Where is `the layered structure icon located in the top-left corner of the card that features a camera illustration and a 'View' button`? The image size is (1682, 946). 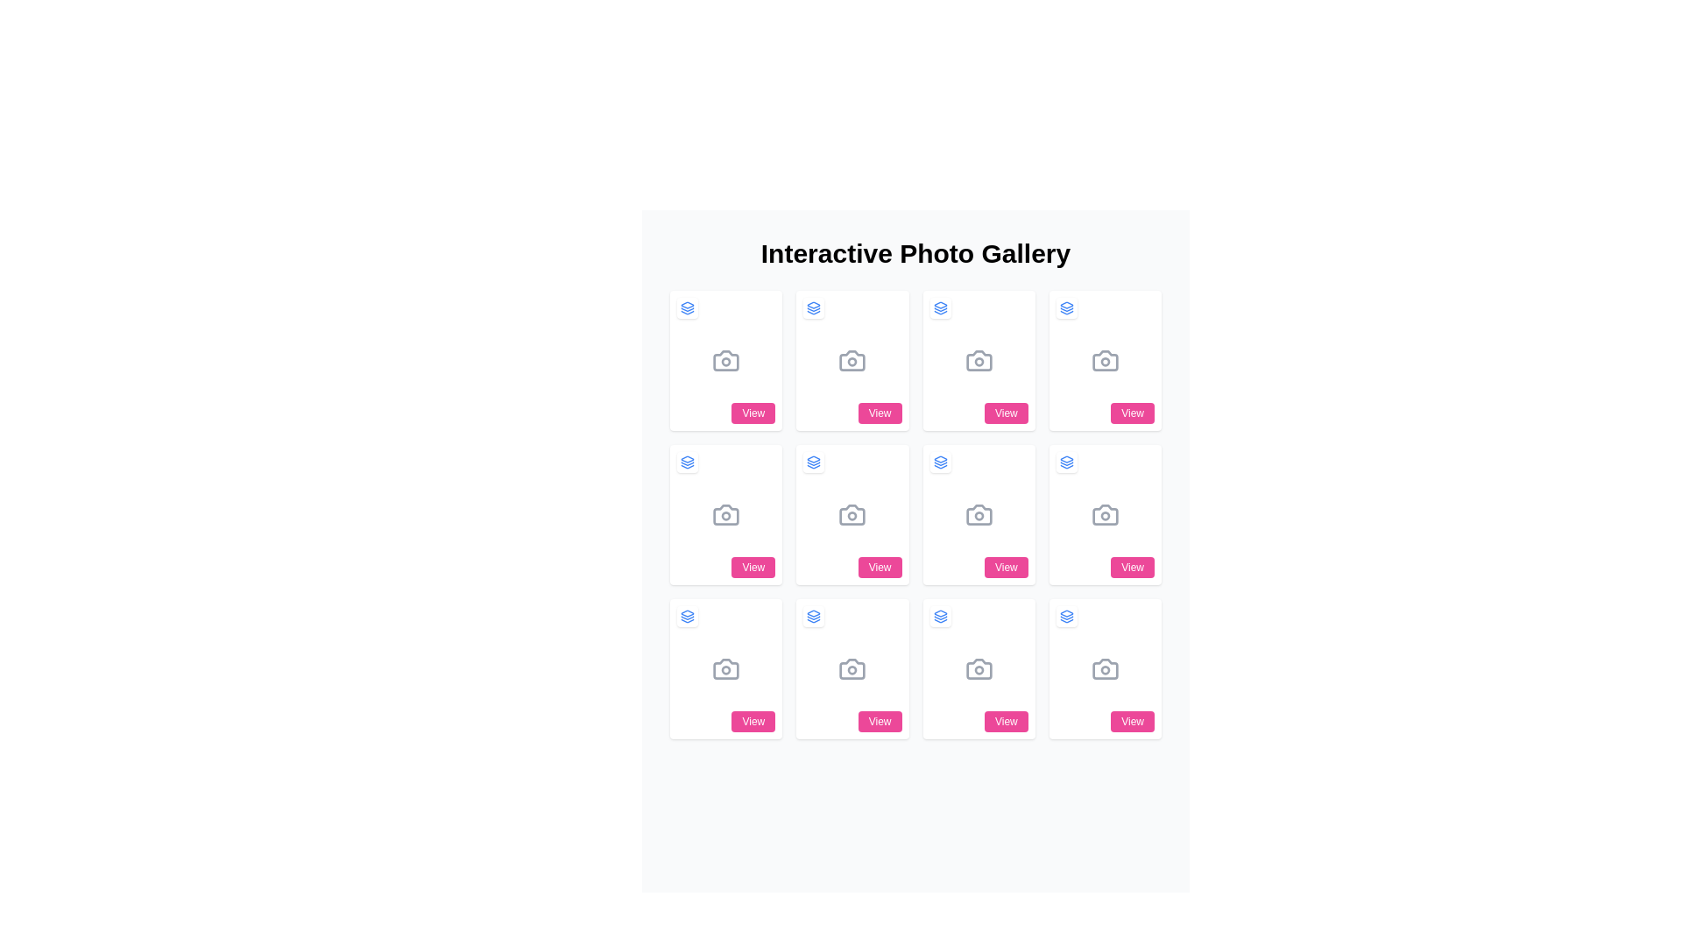
the layered structure icon located in the top-left corner of the card that features a camera illustration and a 'View' button is located at coordinates (687, 616).